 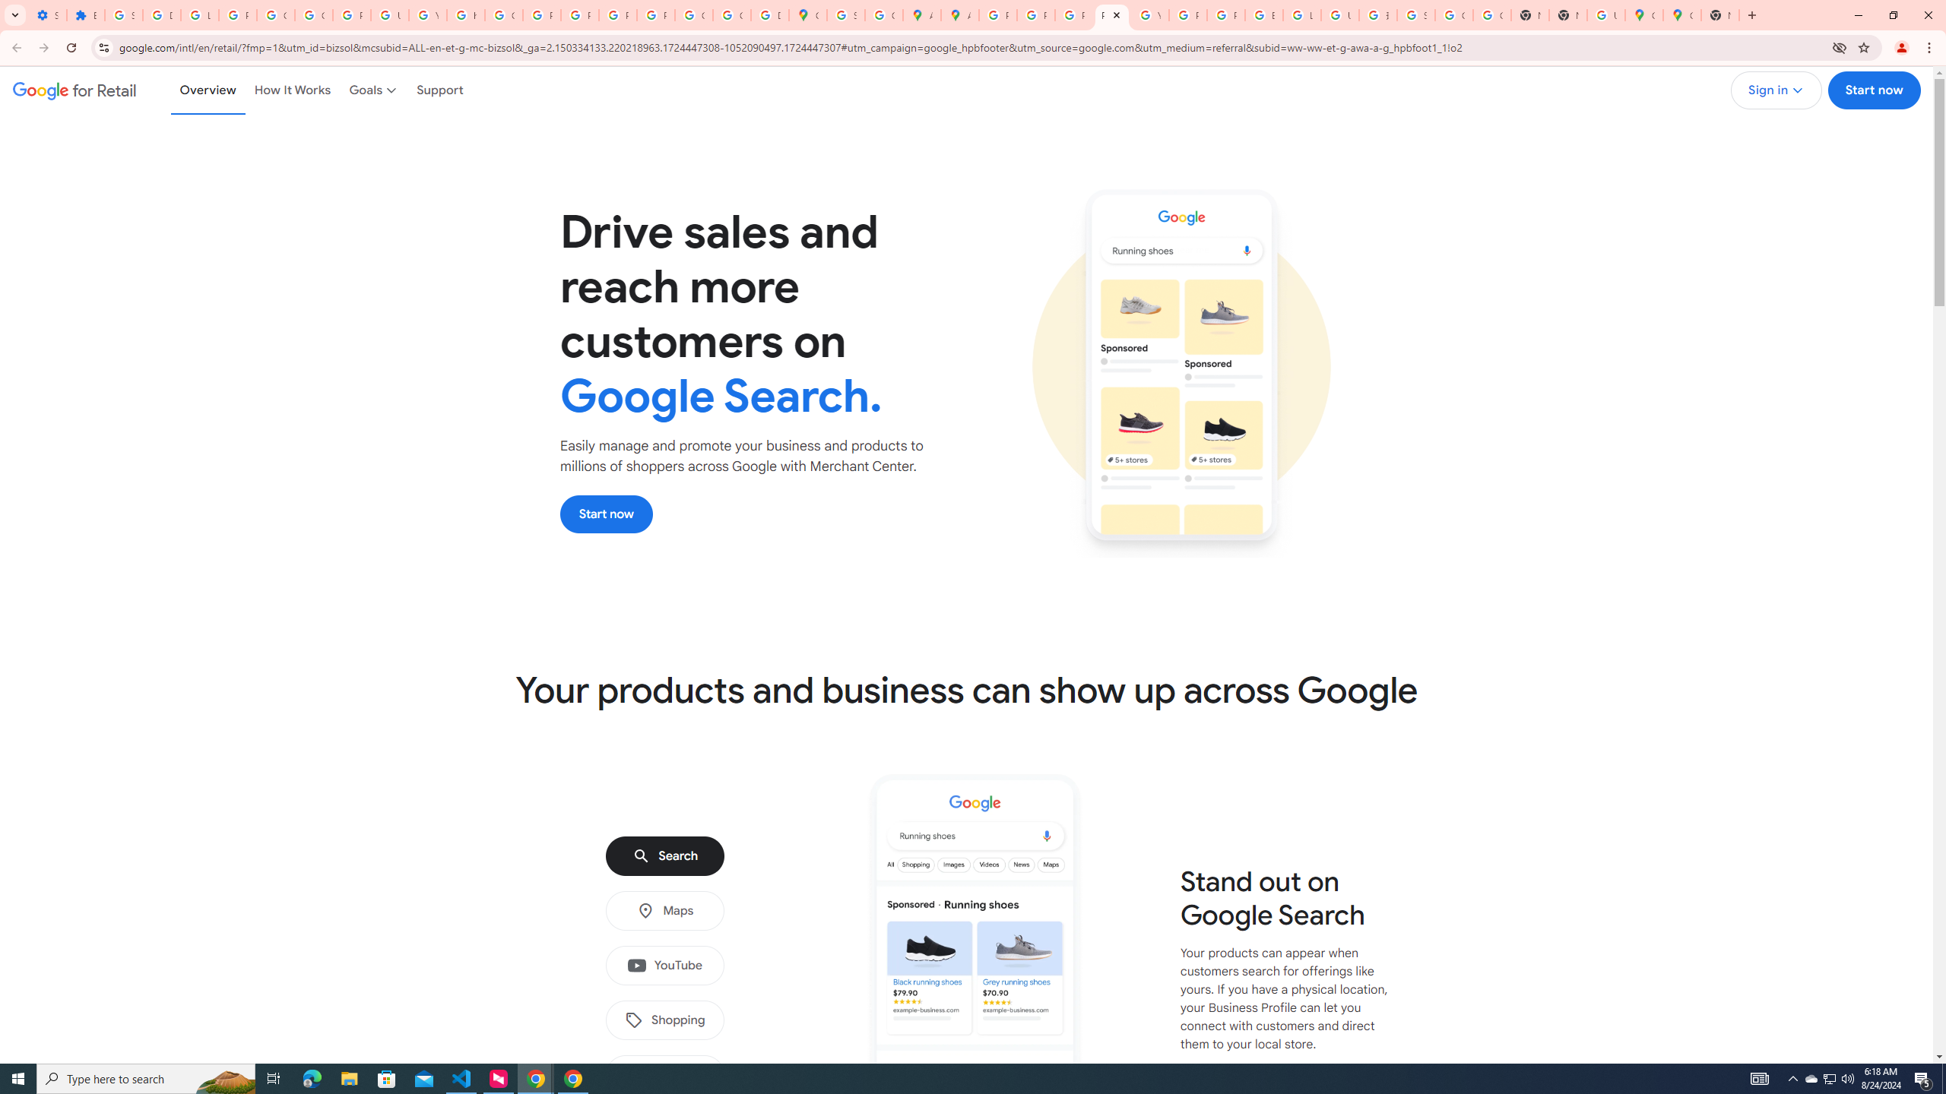 I want to click on 'Support', so click(x=439, y=90).